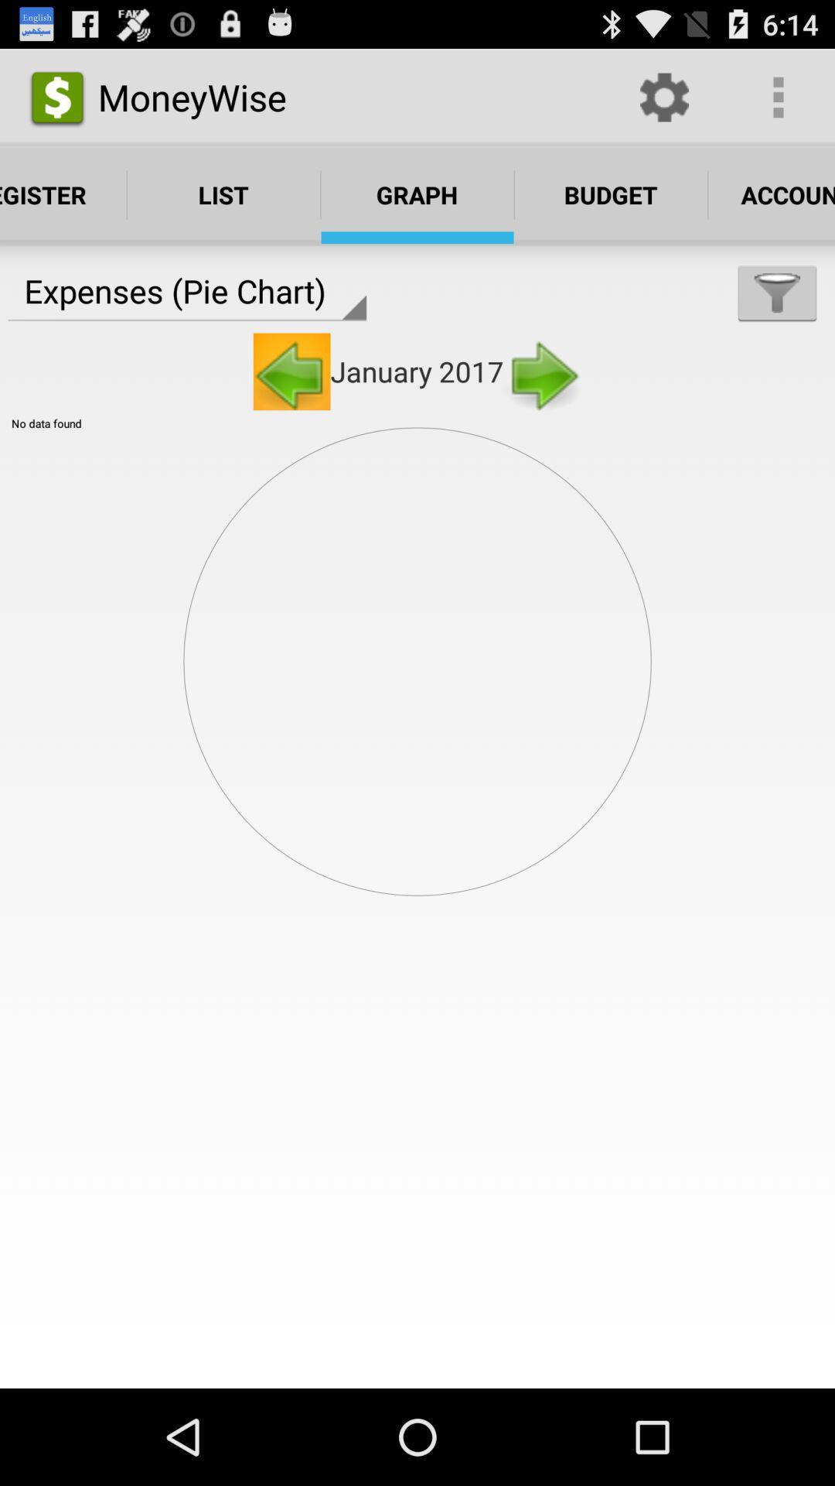 The height and width of the screenshot is (1486, 835). I want to click on tab graph at top, so click(417, 194).